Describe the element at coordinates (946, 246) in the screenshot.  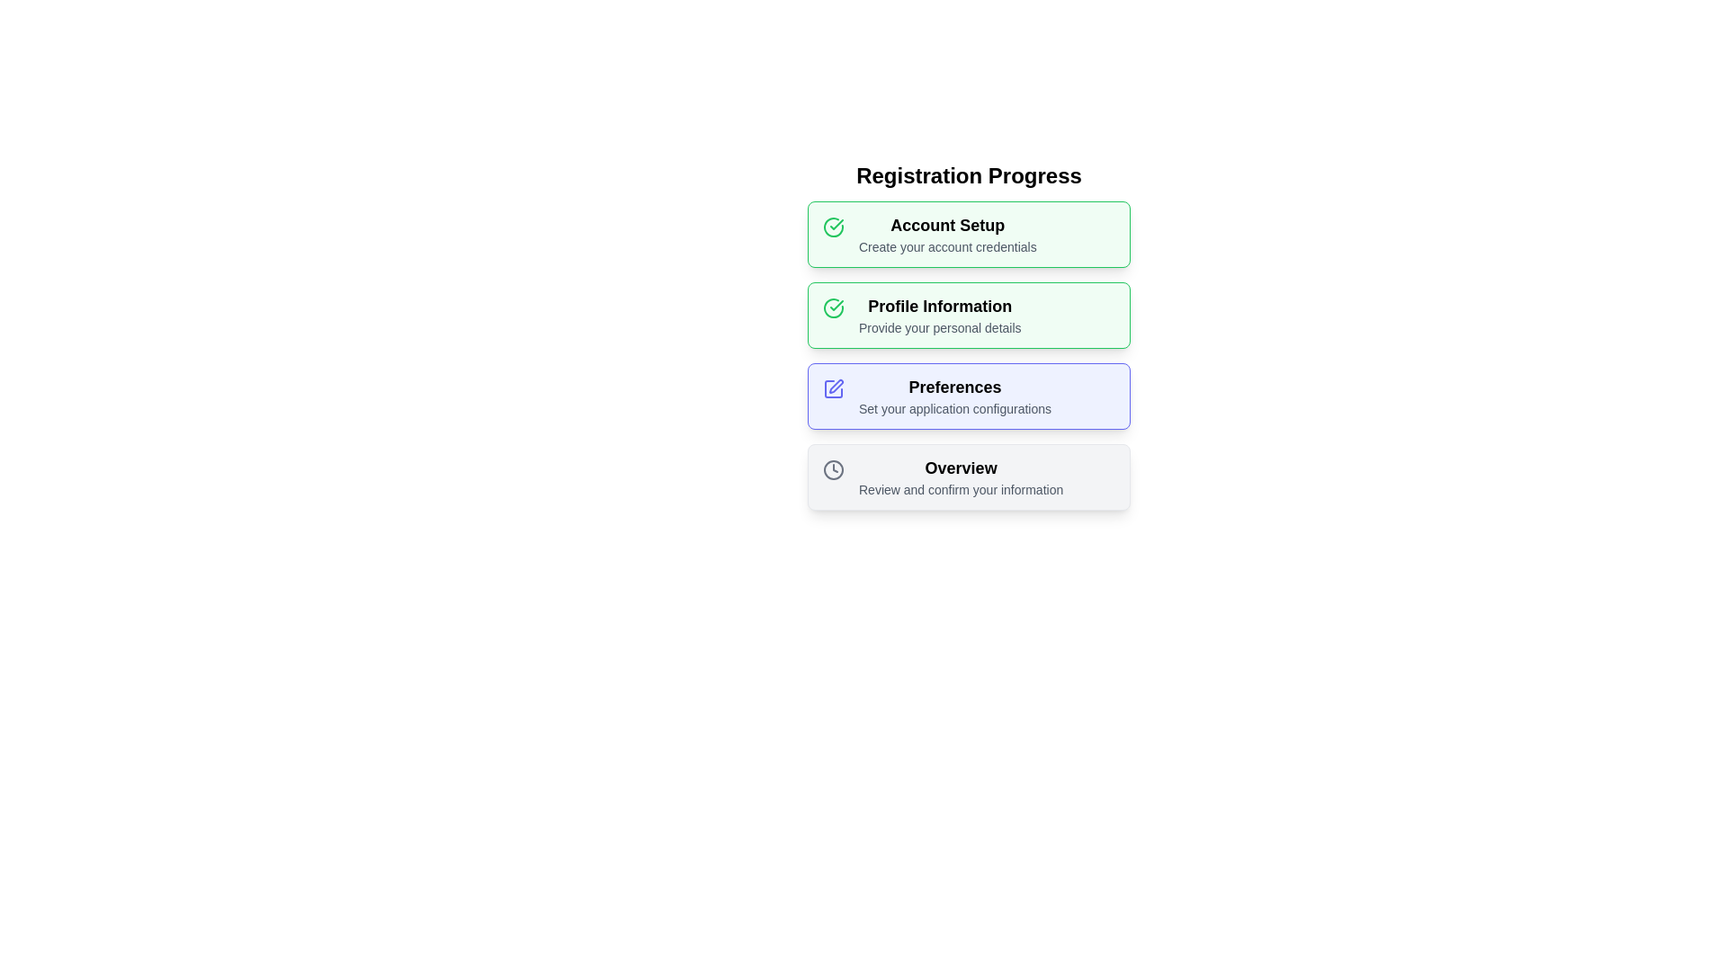
I see `text label that says 'Create your account credentials', which is located directly below the 'Account Setup' heading in a green-bordered section` at that location.